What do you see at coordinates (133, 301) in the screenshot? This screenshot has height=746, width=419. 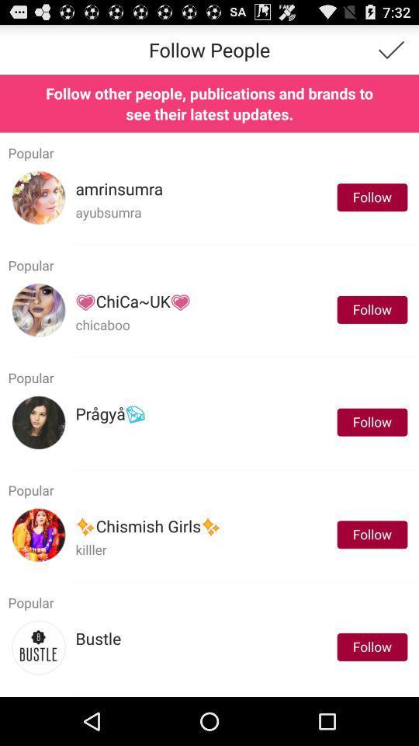 I see `app to the left of follow` at bounding box center [133, 301].